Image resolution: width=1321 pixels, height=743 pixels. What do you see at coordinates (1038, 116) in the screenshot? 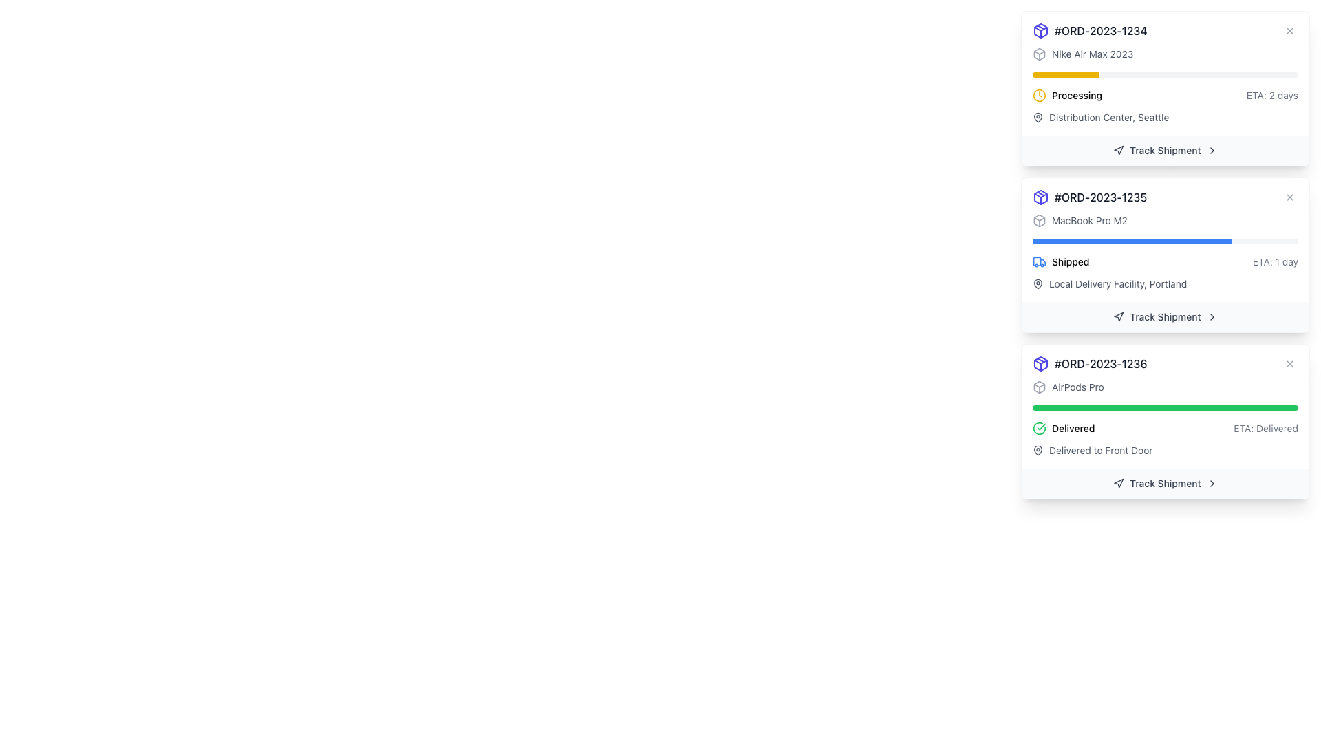
I see `the lower, broader section of the pin-shaped icon, which represents the body of the pin used for location functionalities` at bounding box center [1038, 116].